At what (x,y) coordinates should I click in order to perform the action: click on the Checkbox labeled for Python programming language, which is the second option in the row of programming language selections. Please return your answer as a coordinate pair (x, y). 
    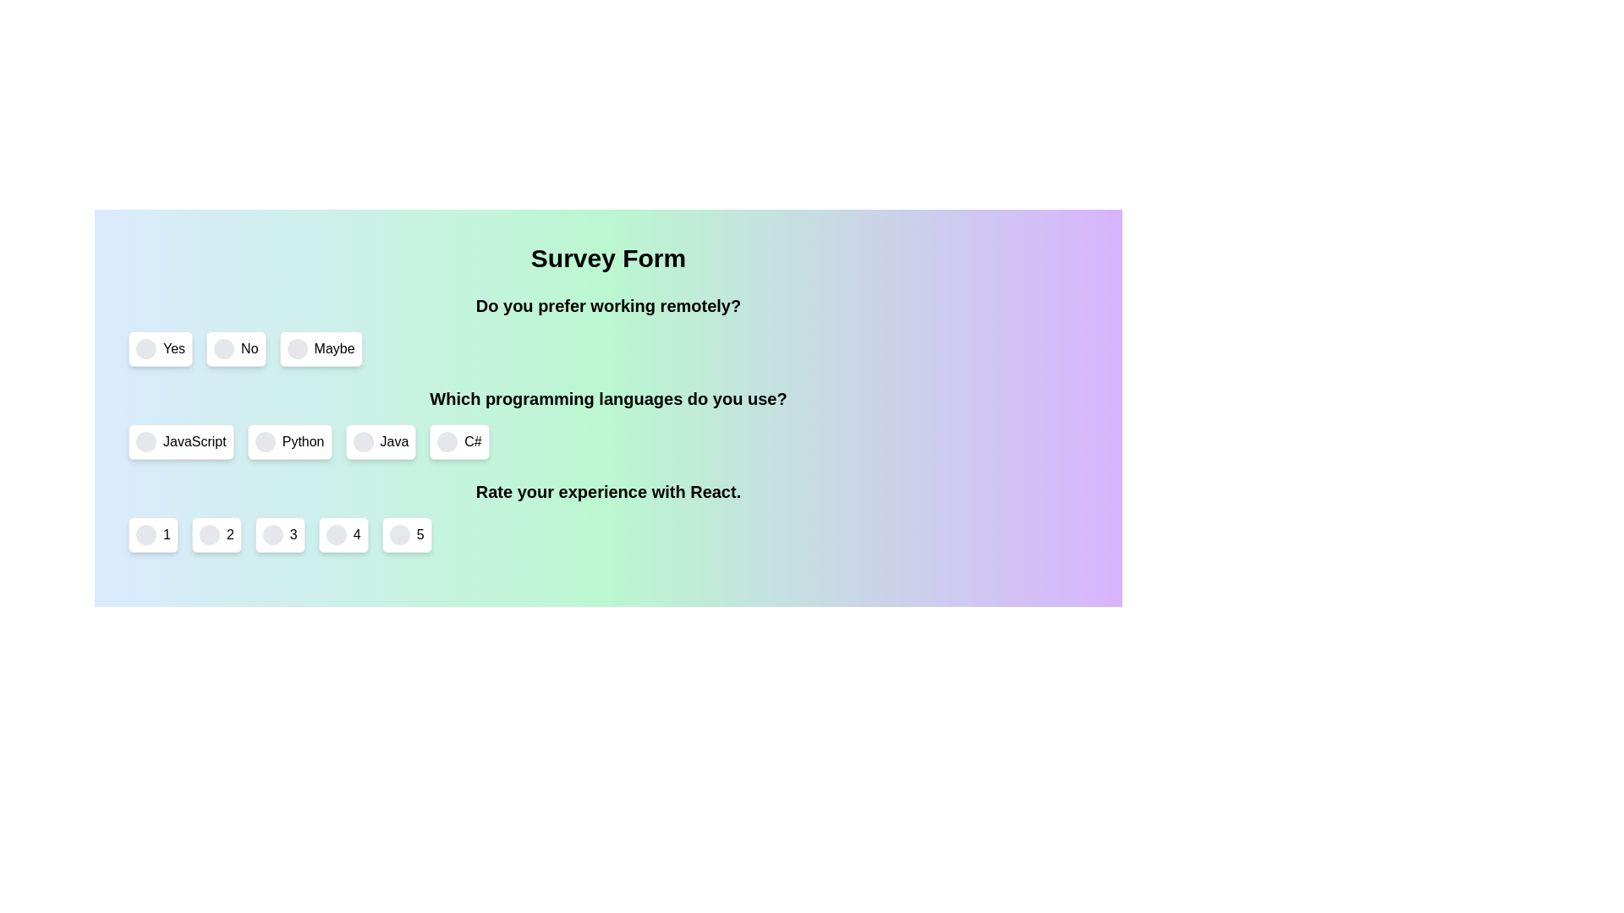
    Looking at the image, I should click on (289, 441).